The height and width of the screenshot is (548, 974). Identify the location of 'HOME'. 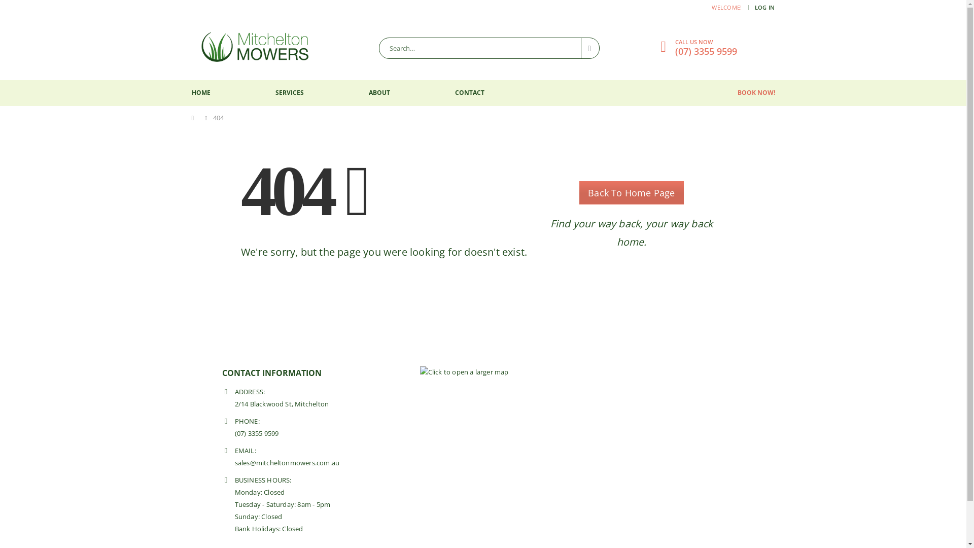
(201, 93).